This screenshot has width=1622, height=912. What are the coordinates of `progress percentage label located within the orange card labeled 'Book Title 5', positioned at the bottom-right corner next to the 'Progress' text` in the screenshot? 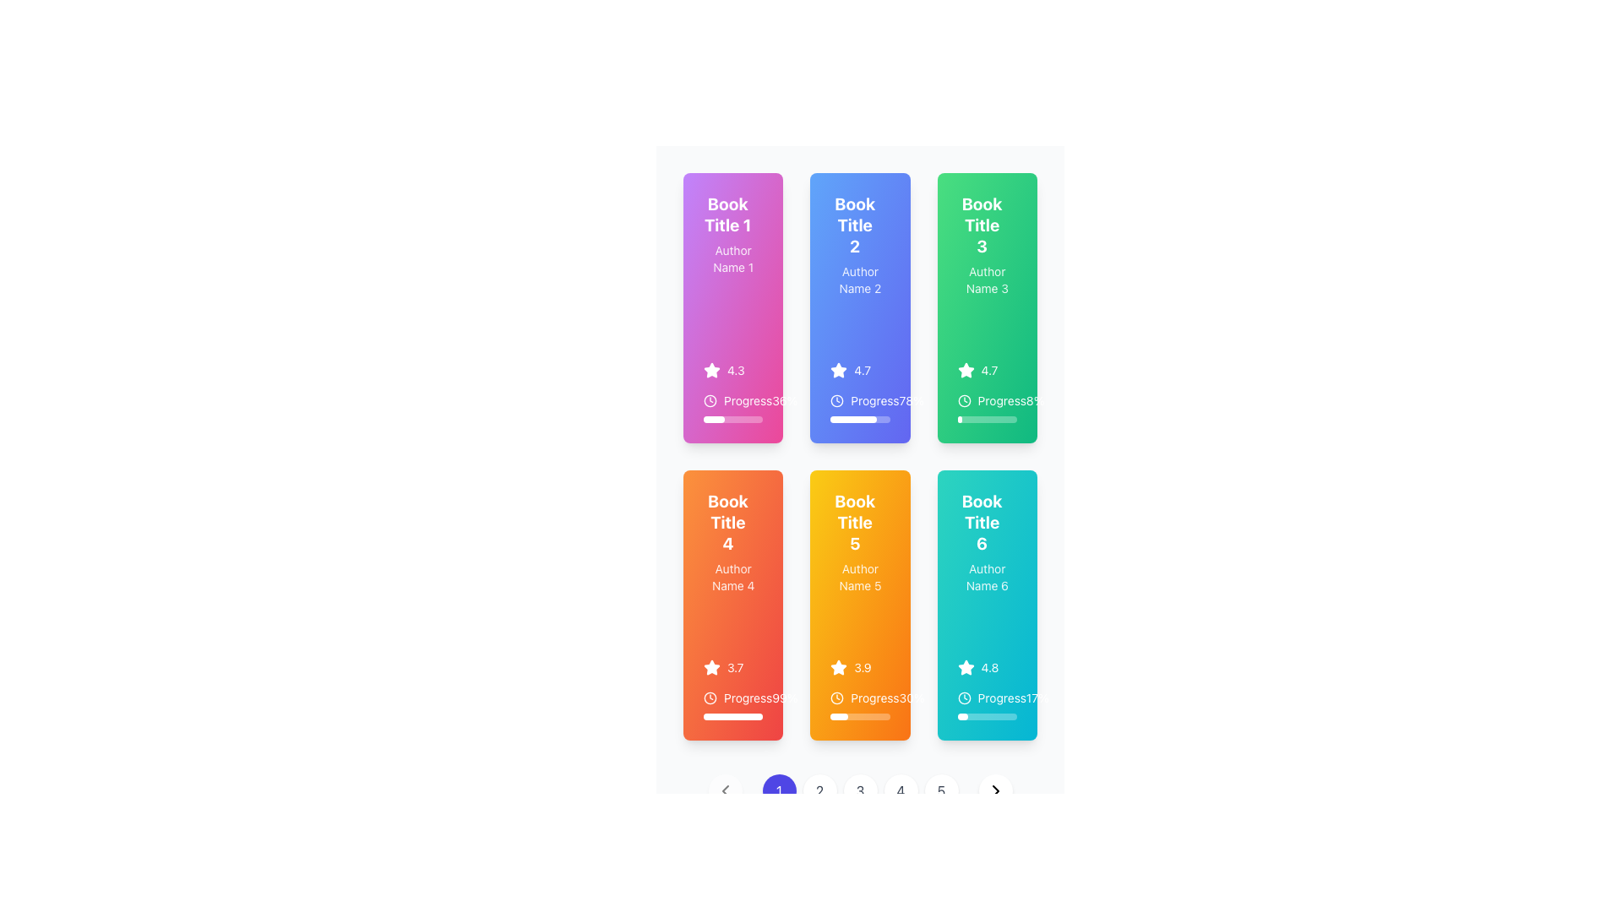 It's located at (911, 698).